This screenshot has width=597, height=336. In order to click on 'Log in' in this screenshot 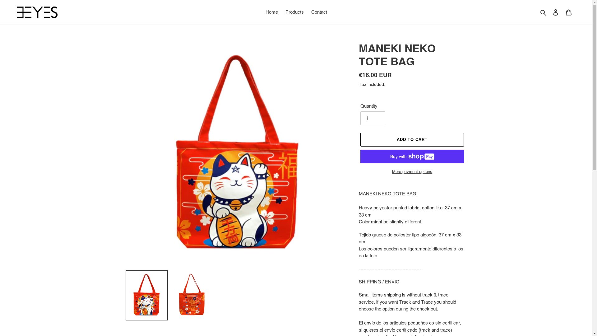, I will do `click(555, 12)`.